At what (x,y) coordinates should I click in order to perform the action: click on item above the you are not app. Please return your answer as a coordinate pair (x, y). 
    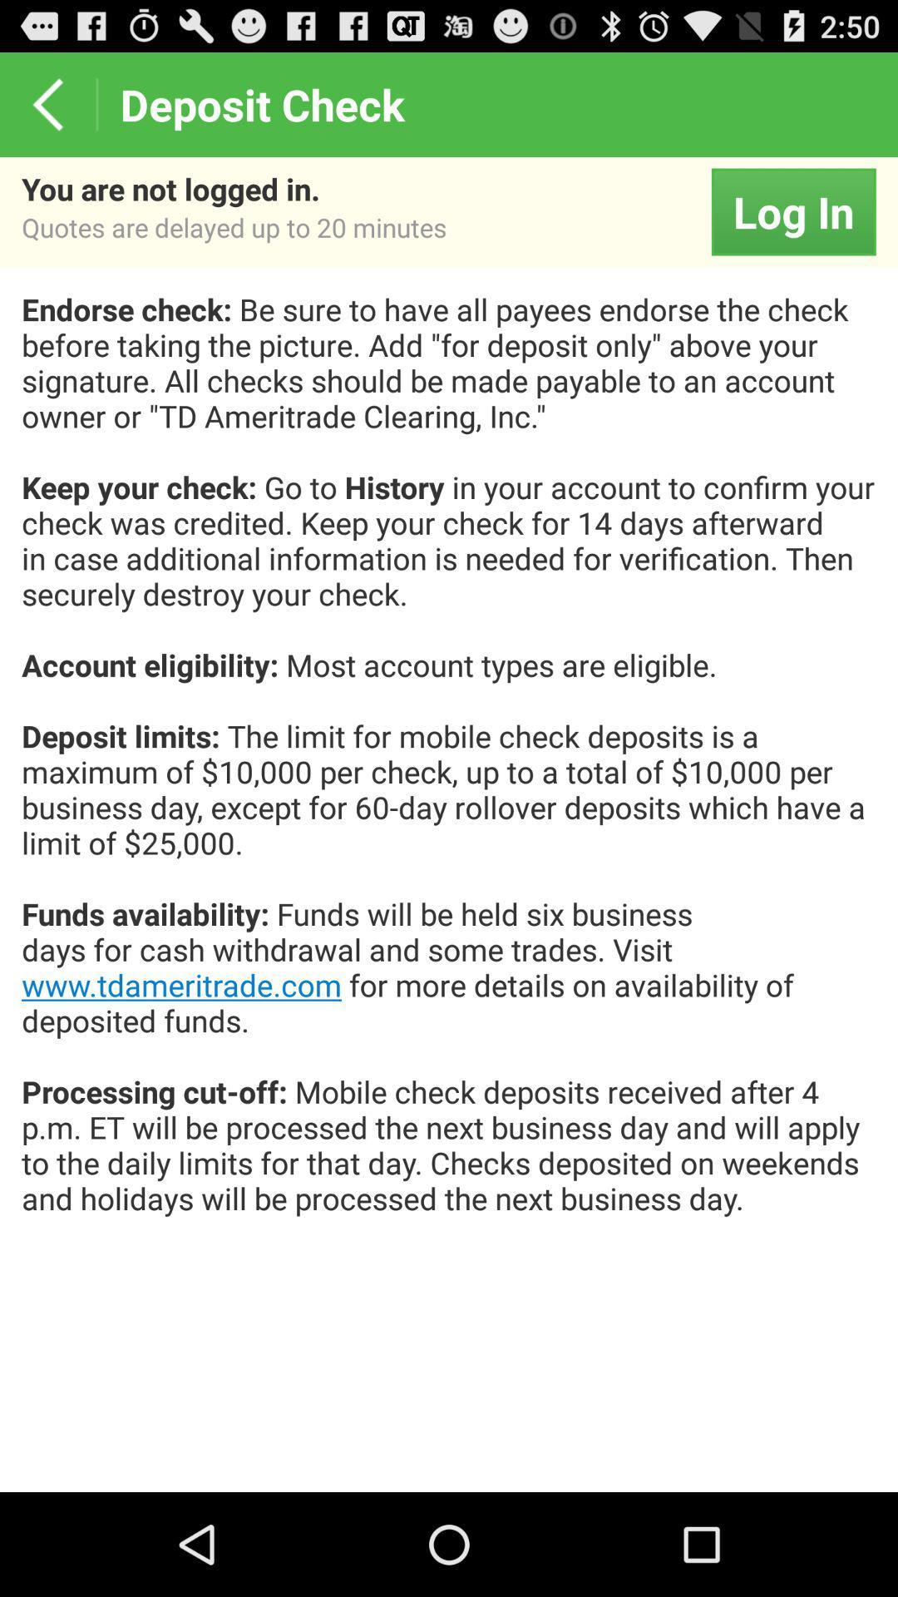
    Looking at the image, I should click on (47, 103).